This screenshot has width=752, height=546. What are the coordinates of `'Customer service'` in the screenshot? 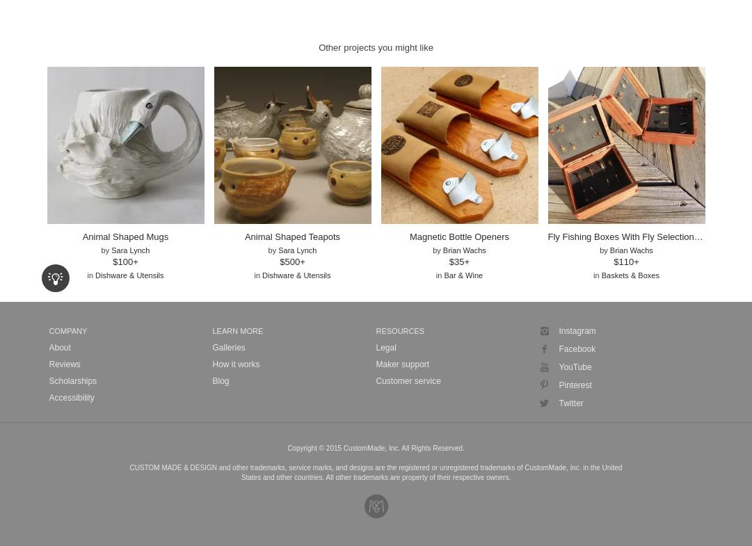 It's located at (407, 380).